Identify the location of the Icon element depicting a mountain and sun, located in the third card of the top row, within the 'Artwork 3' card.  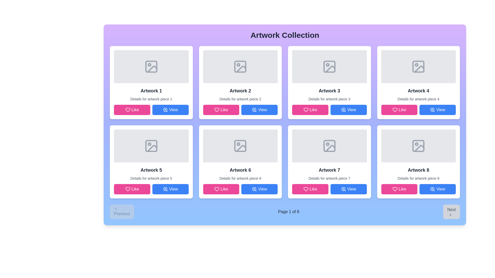
(329, 66).